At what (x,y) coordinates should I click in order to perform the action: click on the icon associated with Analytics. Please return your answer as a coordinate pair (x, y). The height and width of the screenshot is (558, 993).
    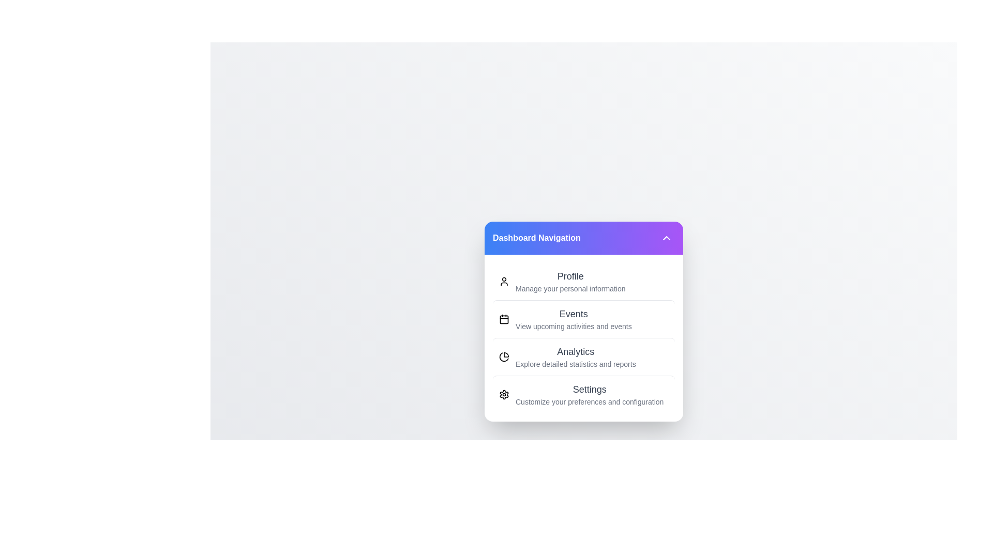
    Looking at the image, I should click on (504, 356).